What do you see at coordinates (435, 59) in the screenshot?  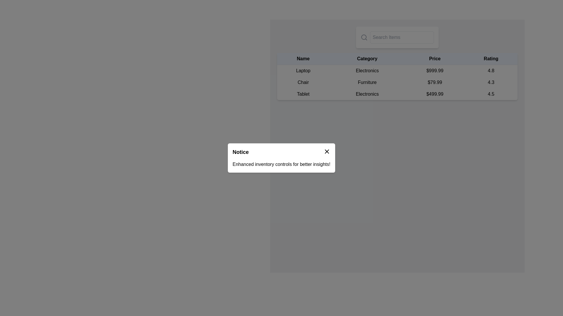 I see `the Text label that serves as the column header indicating prices, located between 'Category' and 'Rating' in the table headers` at bounding box center [435, 59].